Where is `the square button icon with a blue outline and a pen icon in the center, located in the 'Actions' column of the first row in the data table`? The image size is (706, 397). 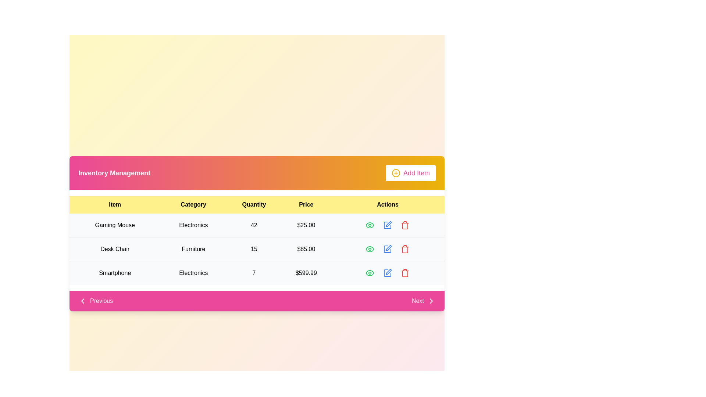
the square button icon with a blue outline and a pen icon in the center, located in the 'Actions' column of the first row in the data table is located at coordinates (387, 225).